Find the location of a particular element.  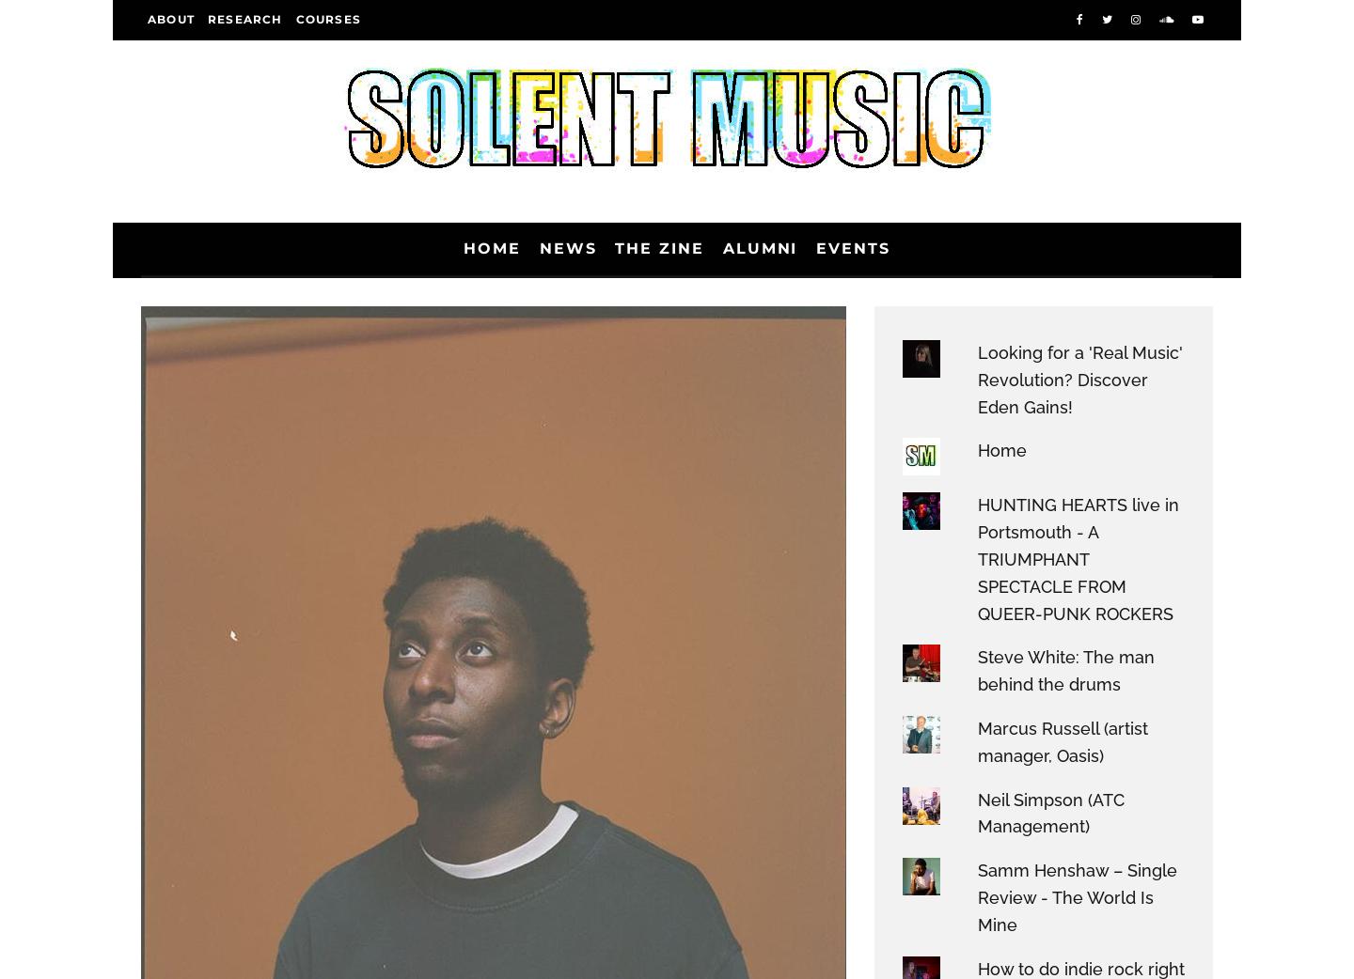

'SO:MUSIC CITY' is located at coordinates (218, 453).